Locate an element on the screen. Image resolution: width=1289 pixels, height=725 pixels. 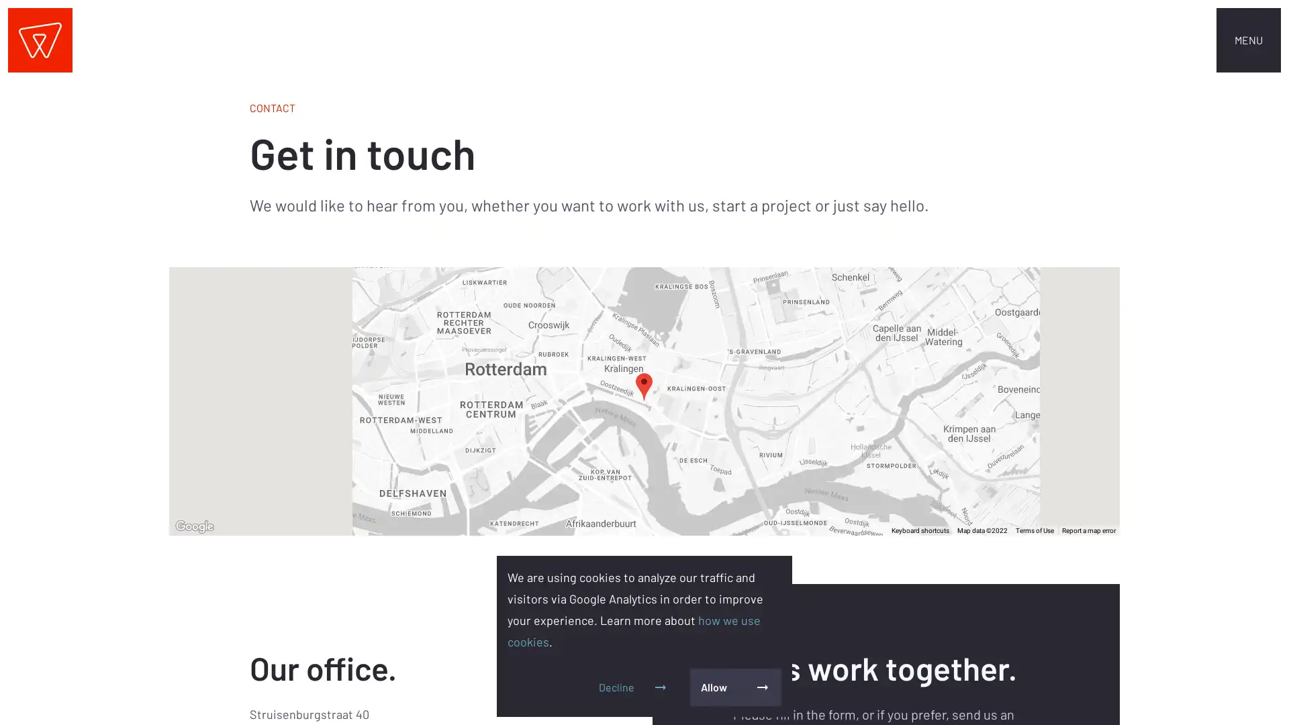
Decline is located at coordinates (633, 687).